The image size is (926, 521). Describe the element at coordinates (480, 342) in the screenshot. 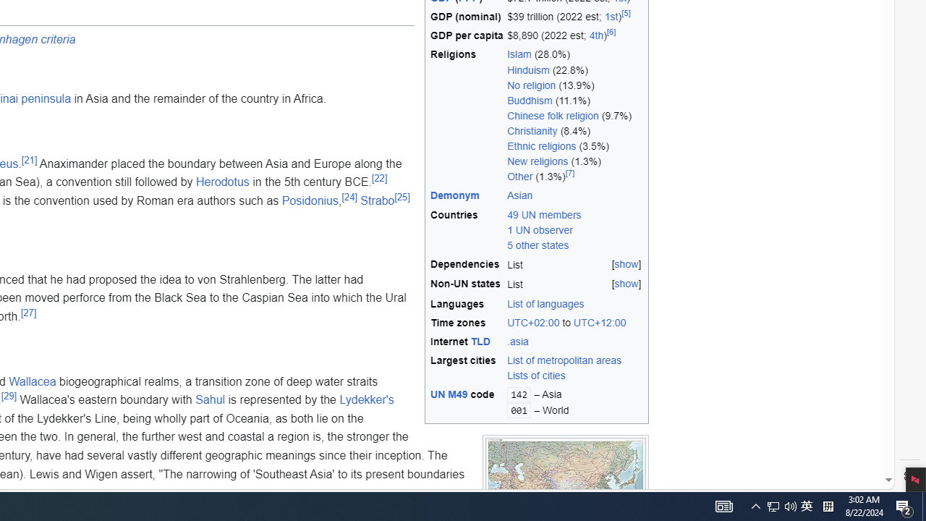

I see `'TLD'` at that location.